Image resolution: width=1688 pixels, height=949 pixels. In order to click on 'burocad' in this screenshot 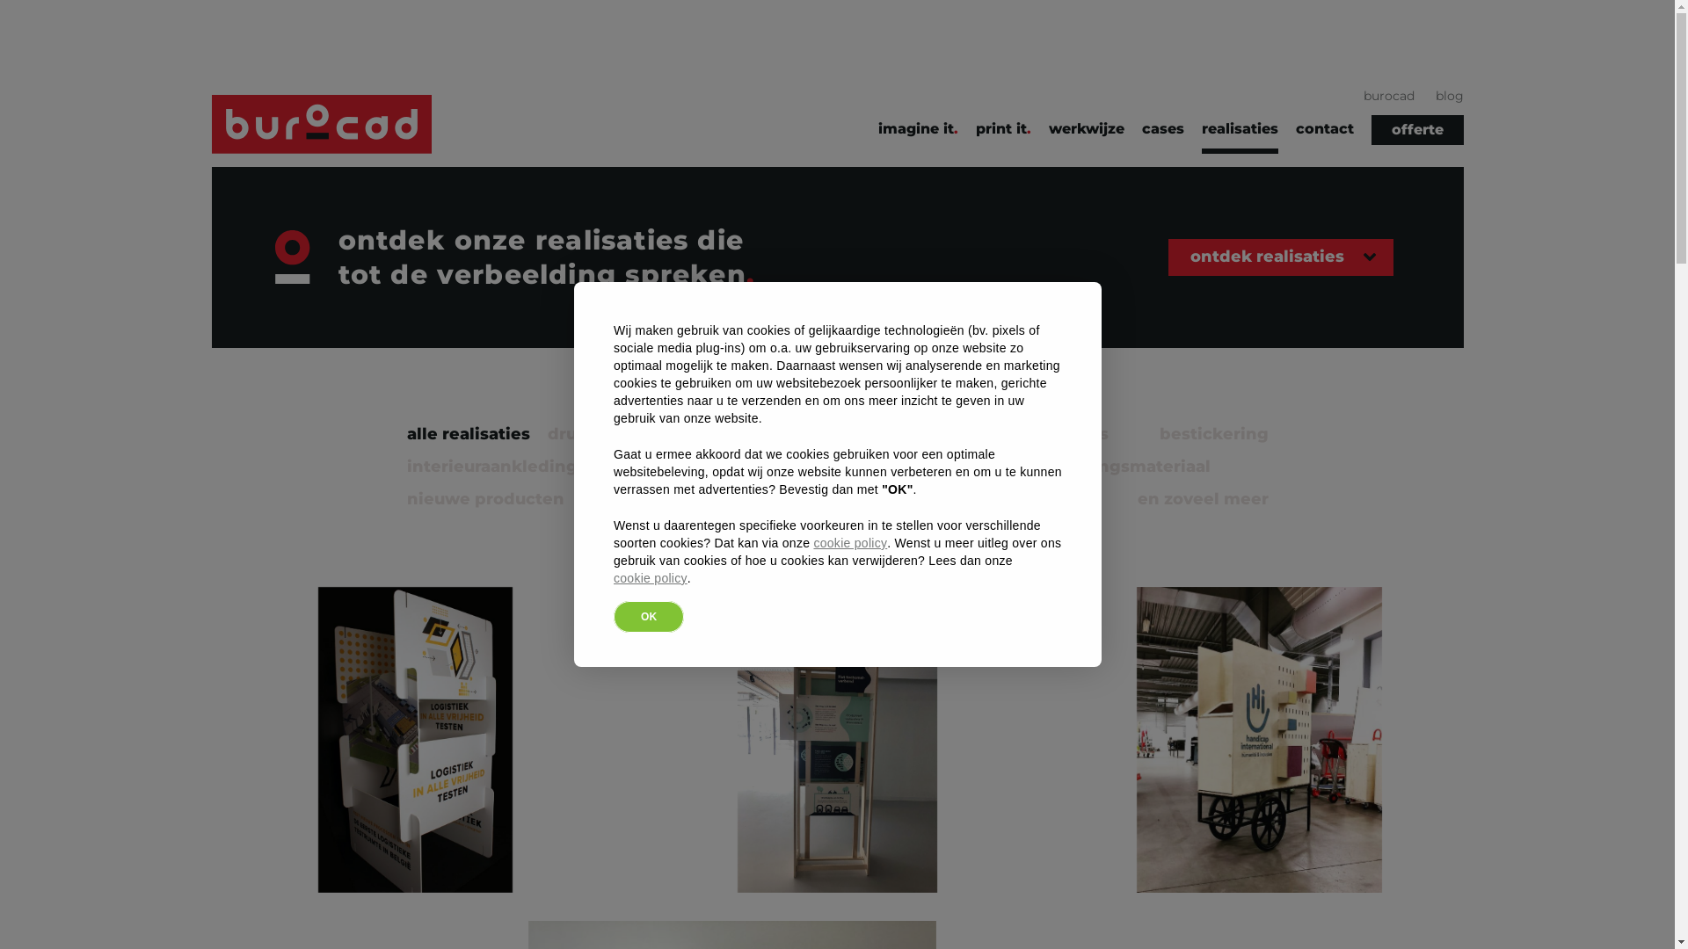, I will do `click(1362, 95)`.